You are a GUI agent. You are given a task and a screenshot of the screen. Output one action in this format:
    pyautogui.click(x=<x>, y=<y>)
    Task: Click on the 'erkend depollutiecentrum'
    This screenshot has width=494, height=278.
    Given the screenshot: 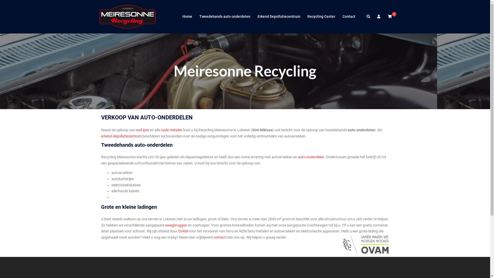 What is the action you would take?
    pyautogui.click(x=121, y=136)
    